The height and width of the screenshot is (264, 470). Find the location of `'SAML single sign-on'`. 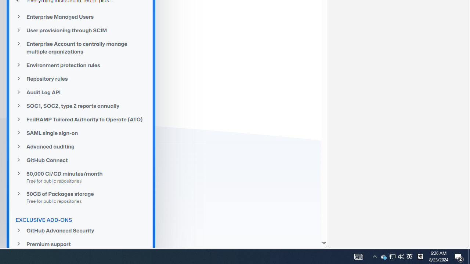

'SAML single sign-on' is located at coordinates (81, 133).